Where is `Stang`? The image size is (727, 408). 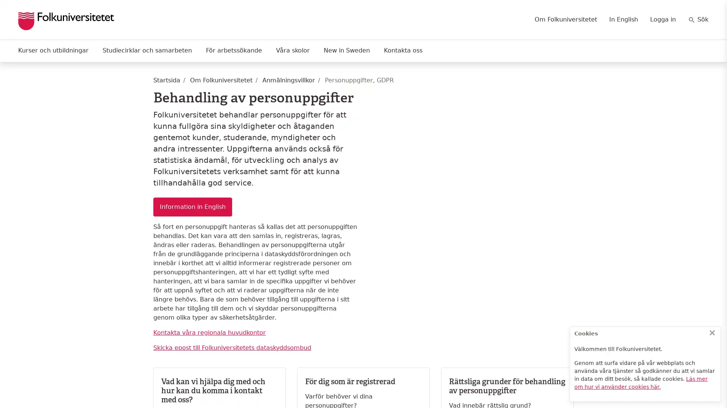
Stang is located at coordinates (712, 332).